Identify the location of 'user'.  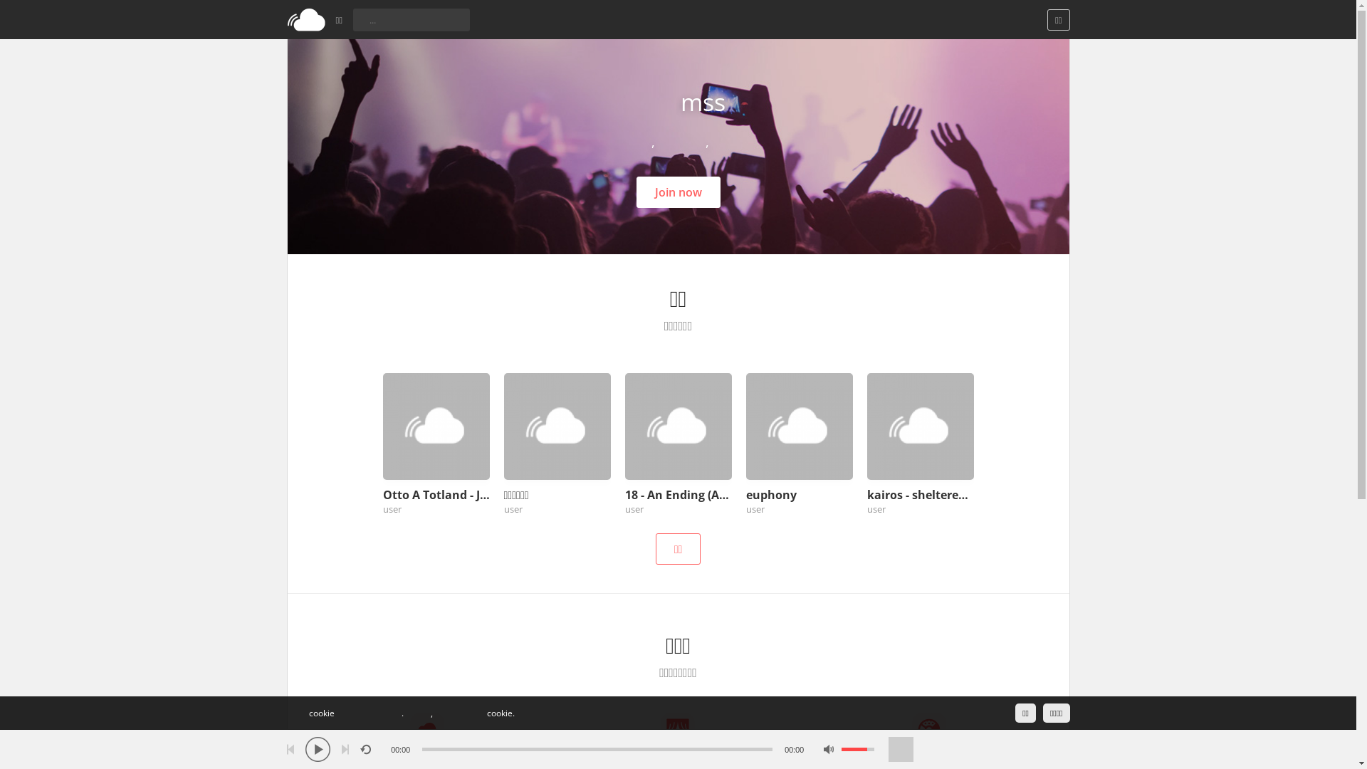
(875, 508).